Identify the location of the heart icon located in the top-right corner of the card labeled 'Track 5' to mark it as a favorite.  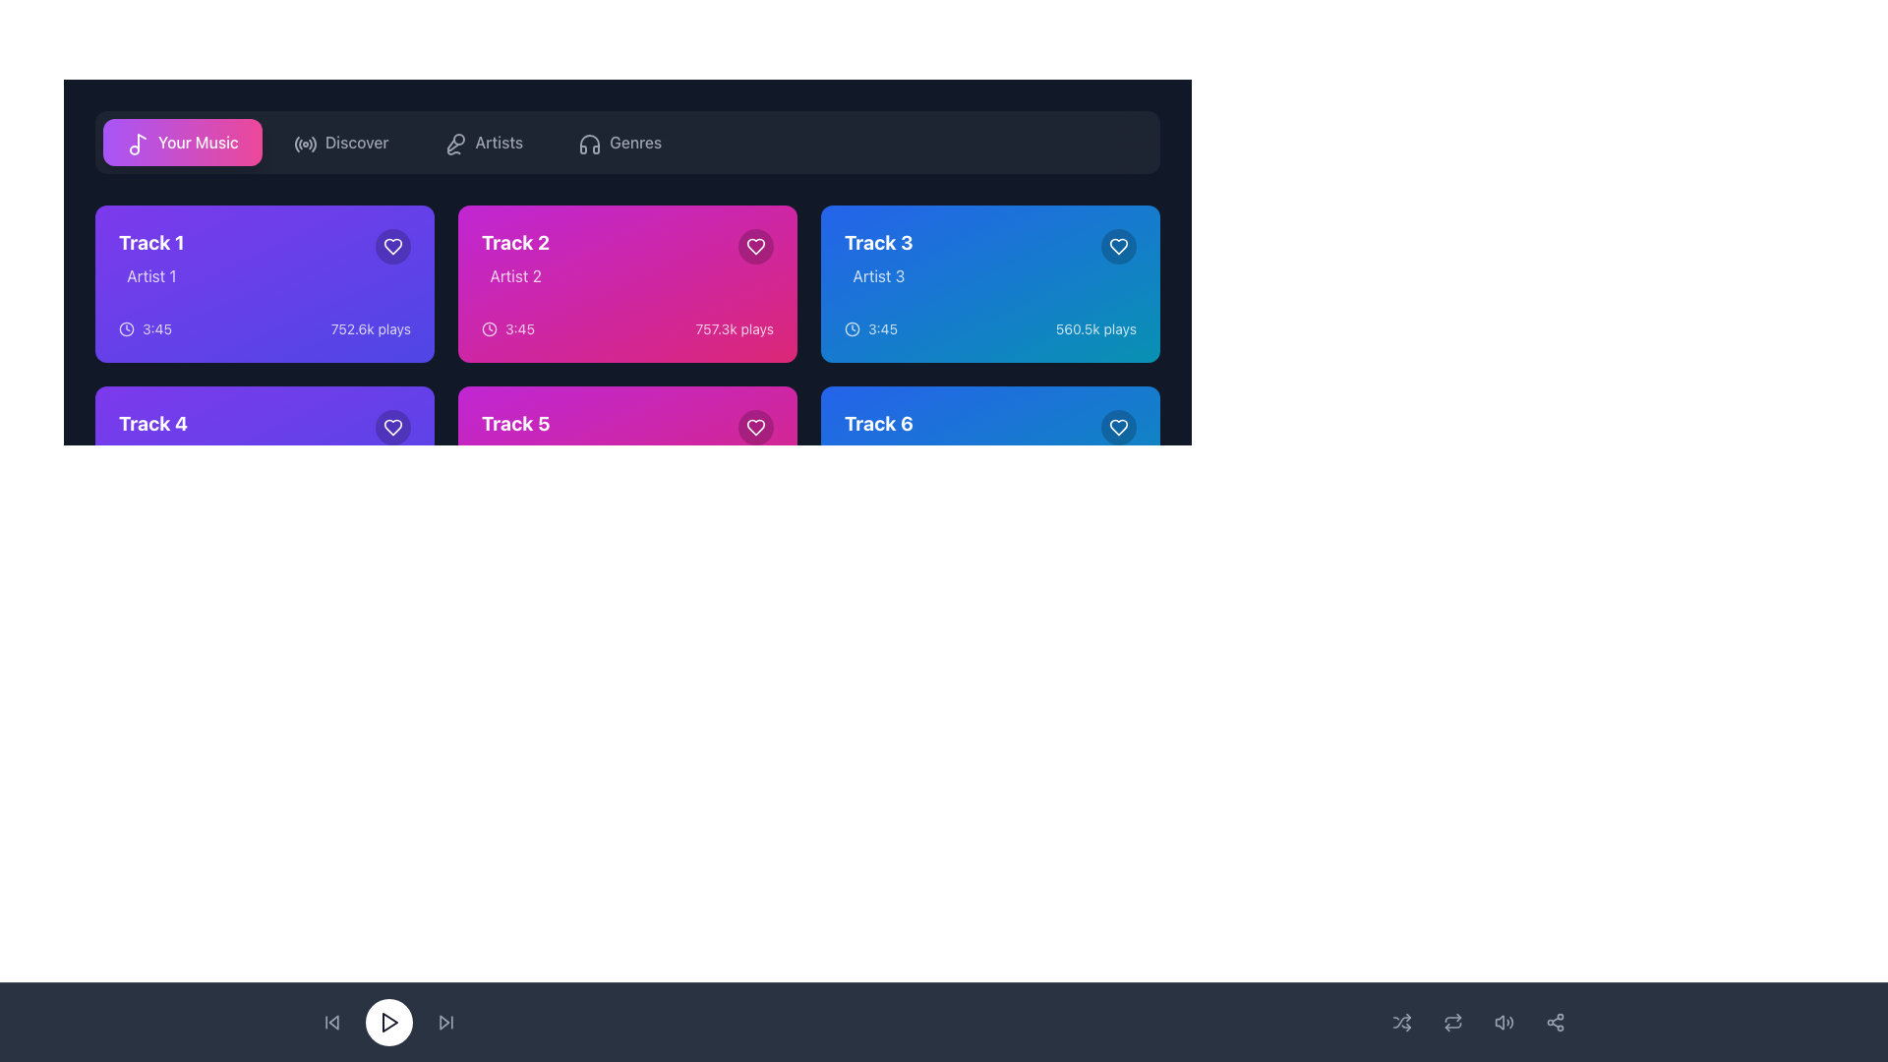
(754, 427).